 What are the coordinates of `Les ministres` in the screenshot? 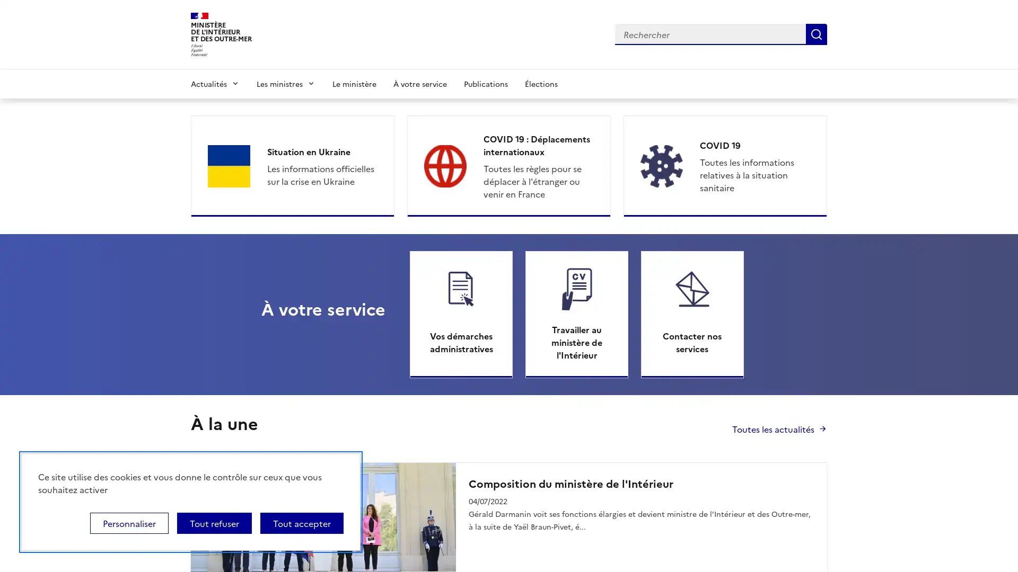 It's located at (286, 83).